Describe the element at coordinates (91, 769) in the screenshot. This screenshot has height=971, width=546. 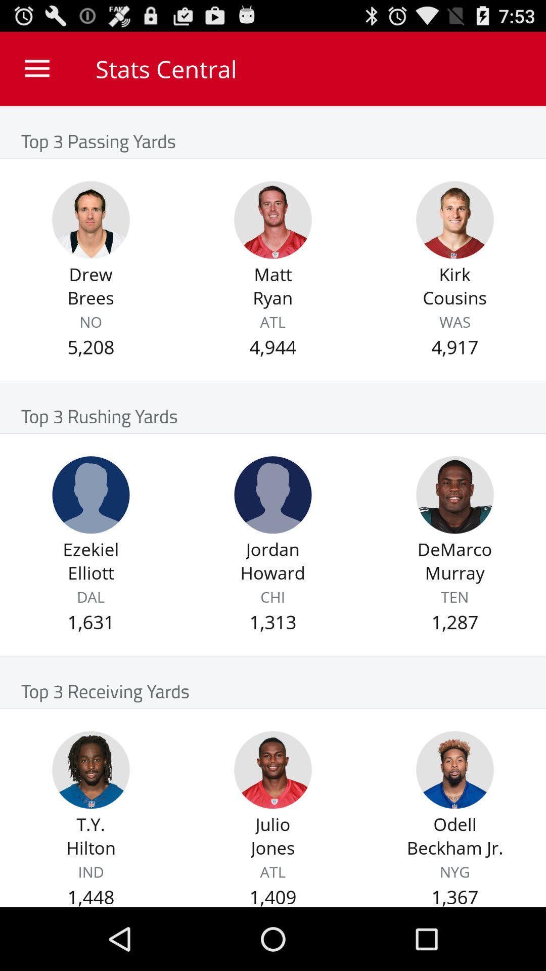
I see `player profile` at that location.